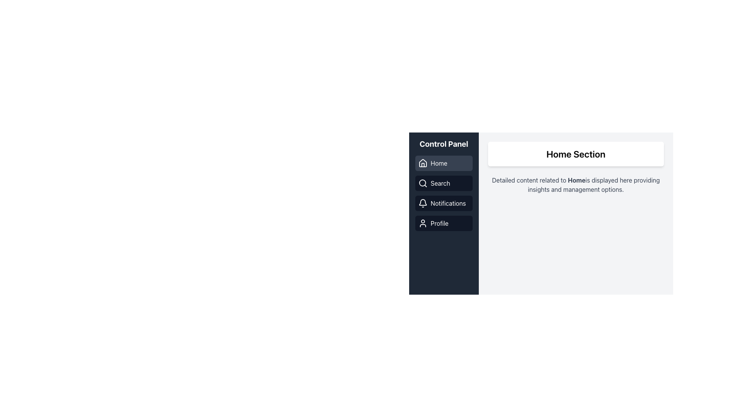  What do you see at coordinates (423, 203) in the screenshot?
I see `the bell-shaped notification icon located to the left of the text 'Notifications' in the vertical menu by moving the mouse pointer to its center` at bounding box center [423, 203].